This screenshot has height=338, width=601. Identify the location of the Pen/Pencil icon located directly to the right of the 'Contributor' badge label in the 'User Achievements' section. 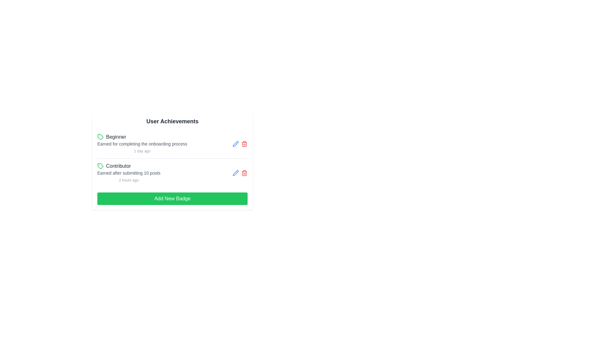
(235, 144).